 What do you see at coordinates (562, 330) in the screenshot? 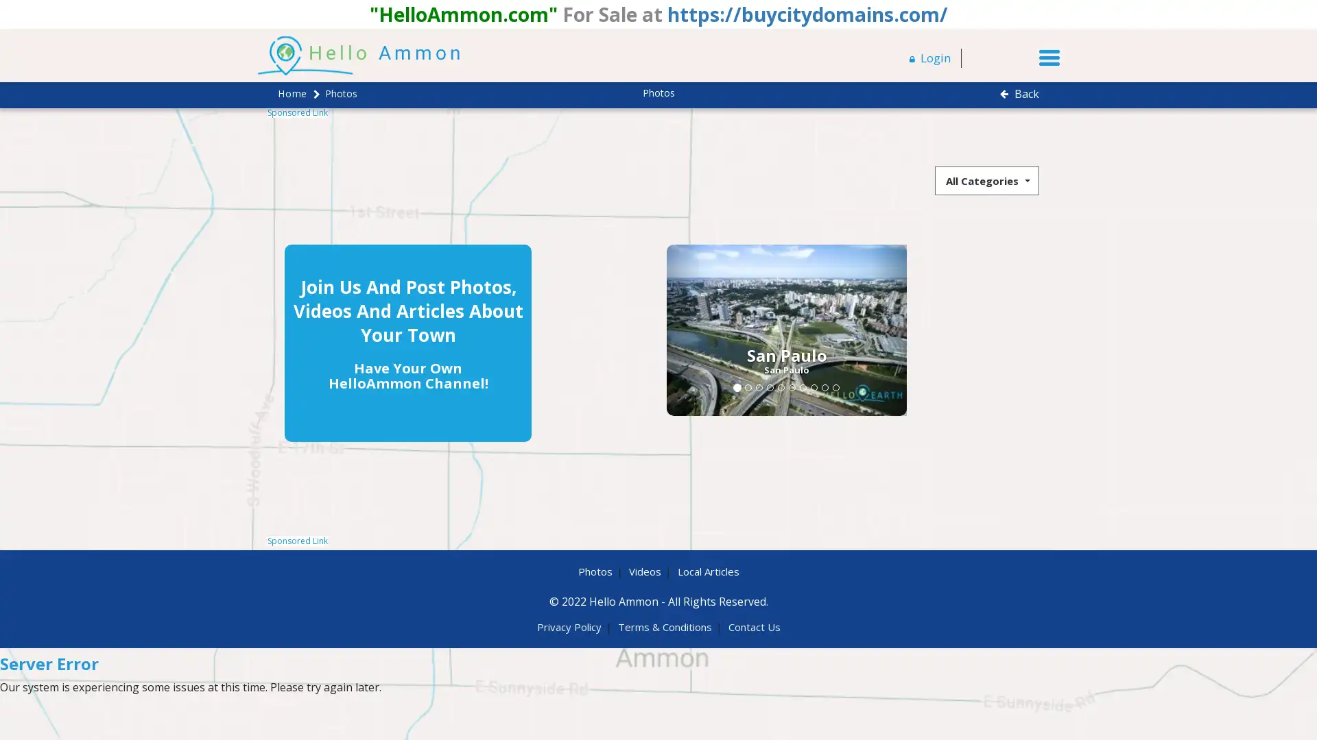
I see `Previous` at bounding box center [562, 330].